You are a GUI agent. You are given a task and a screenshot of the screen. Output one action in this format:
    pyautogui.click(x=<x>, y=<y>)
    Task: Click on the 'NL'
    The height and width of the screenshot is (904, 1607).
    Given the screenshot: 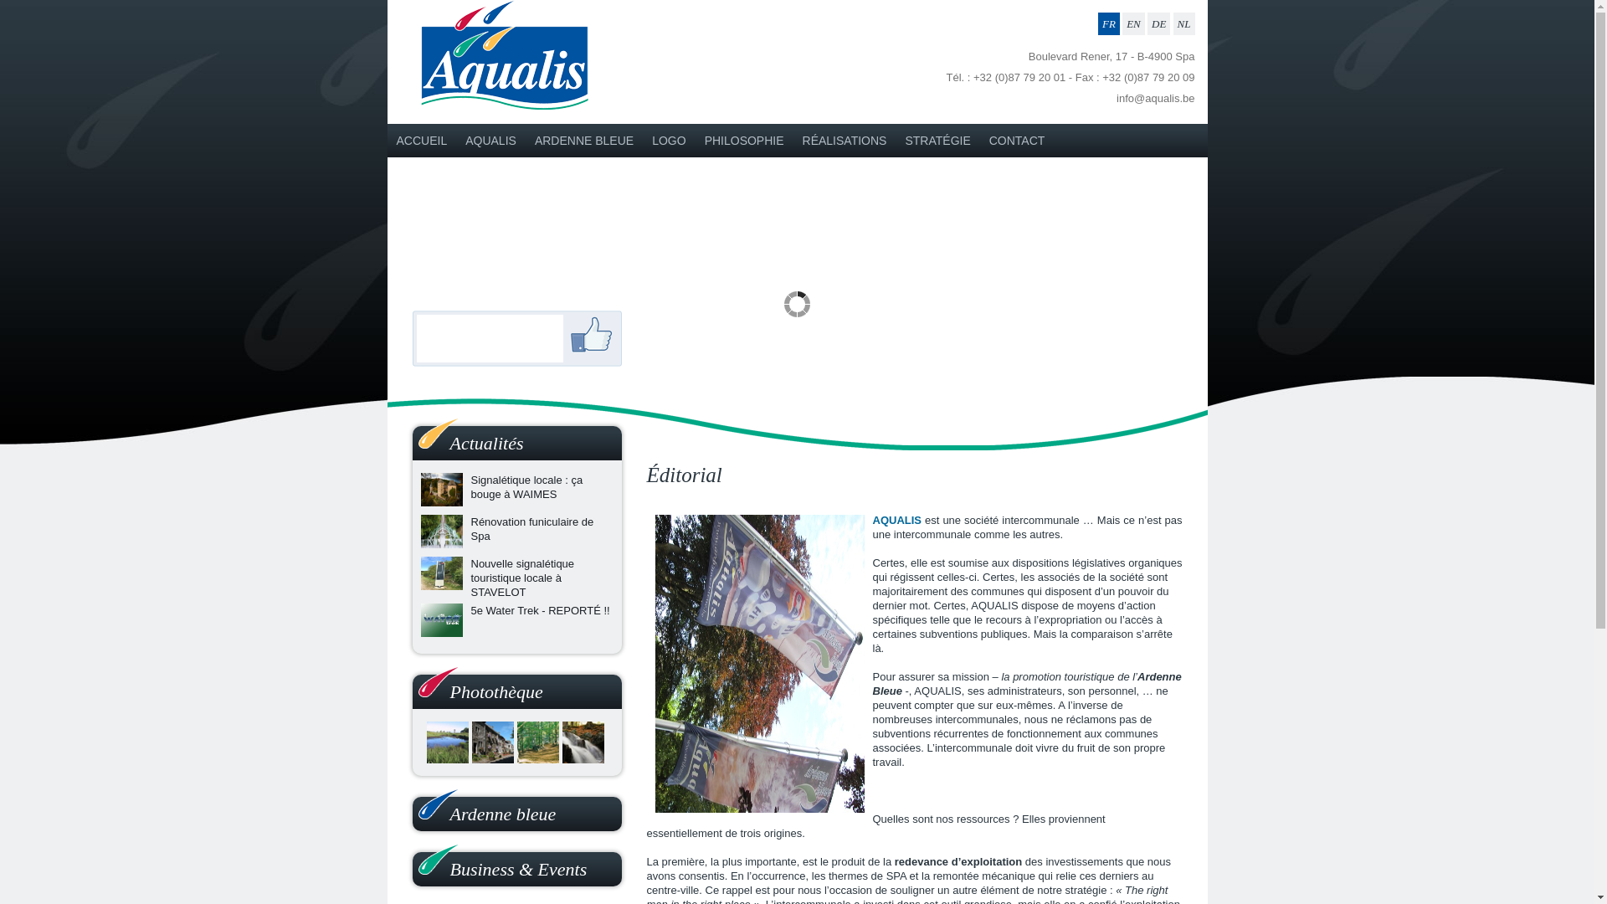 What is the action you would take?
    pyautogui.click(x=1183, y=23)
    